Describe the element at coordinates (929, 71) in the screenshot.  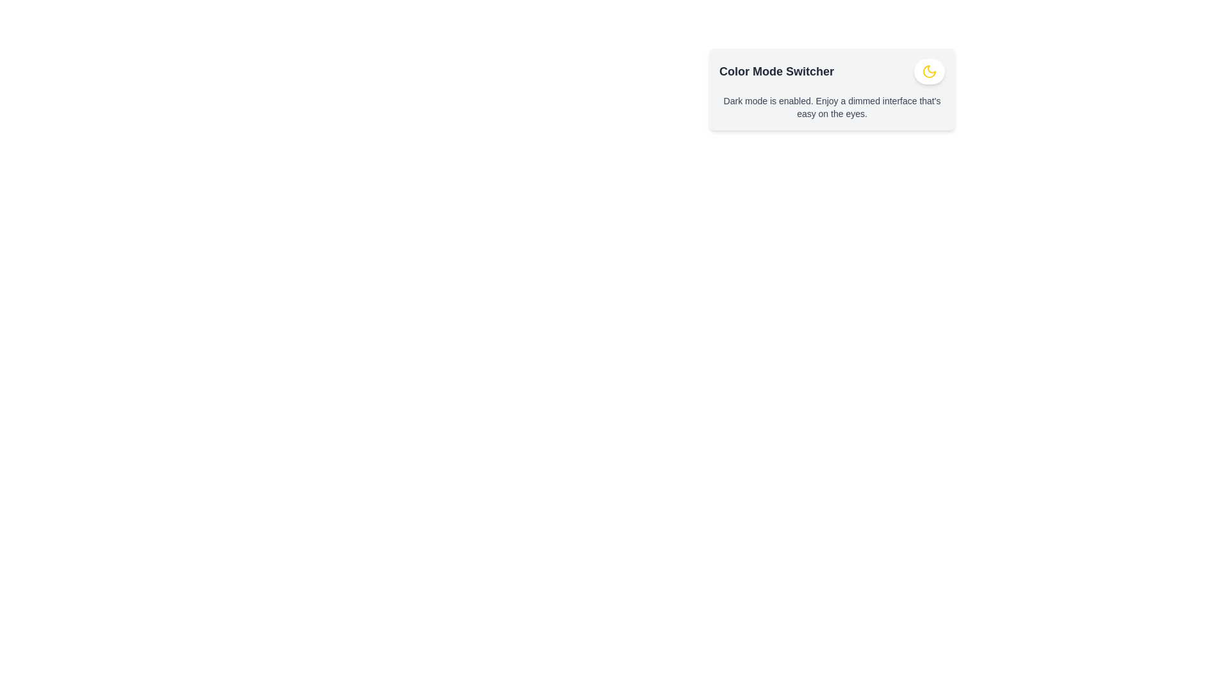
I see `the icon in the upper-right corner of the 'Color Mode Switcher' panel` at that location.